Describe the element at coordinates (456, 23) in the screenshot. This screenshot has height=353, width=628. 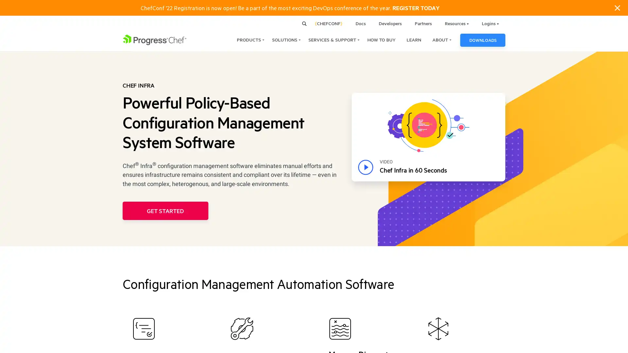
I see `Resources` at that location.